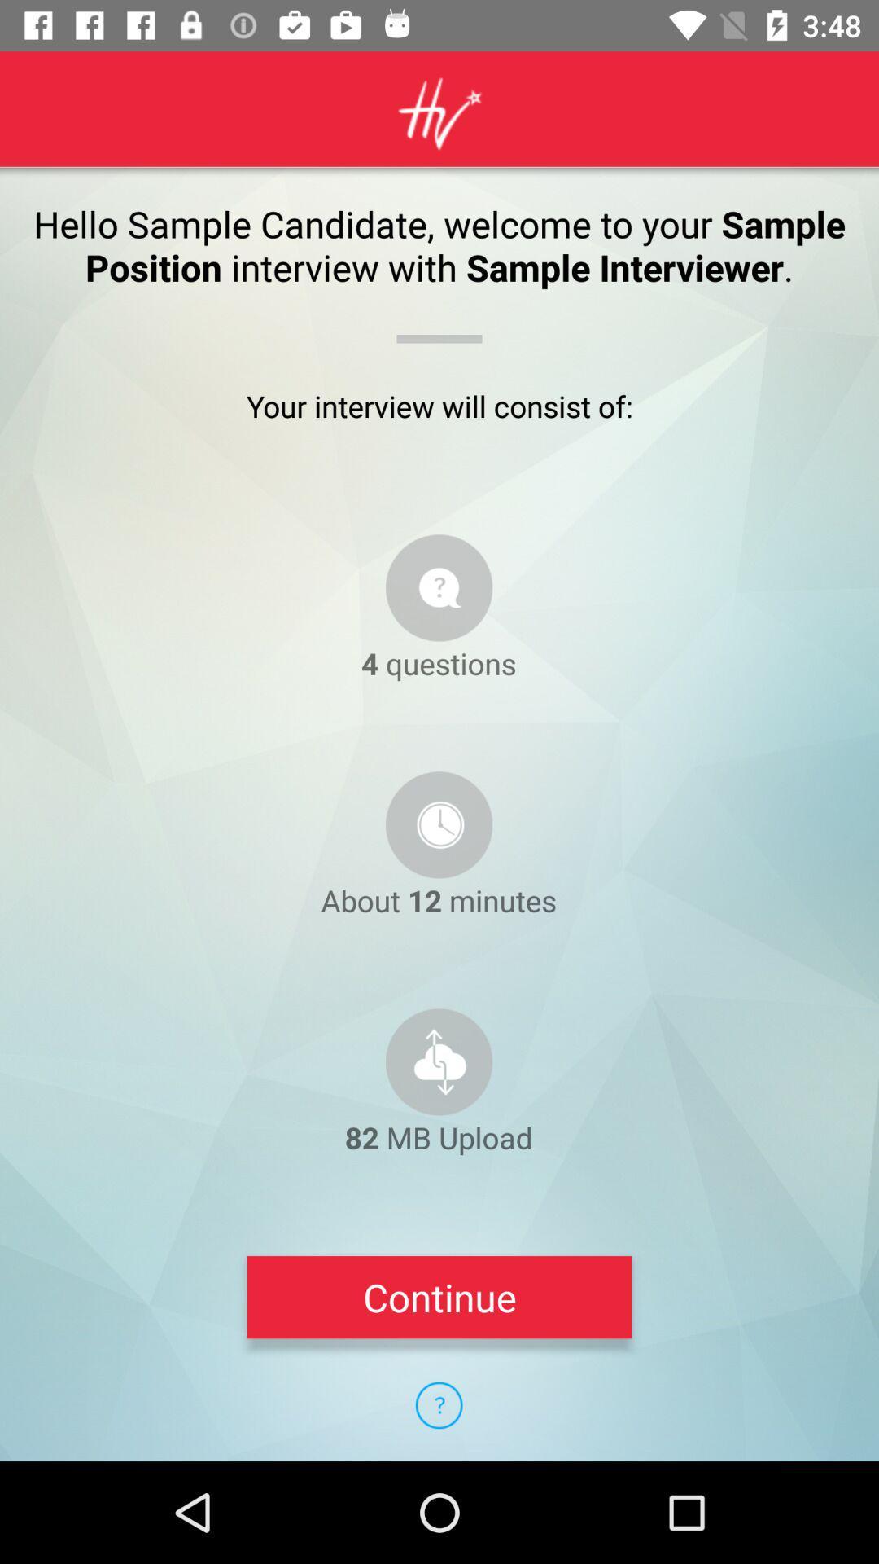  Describe the element at coordinates (439, 1296) in the screenshot. I see `continue` at that location.